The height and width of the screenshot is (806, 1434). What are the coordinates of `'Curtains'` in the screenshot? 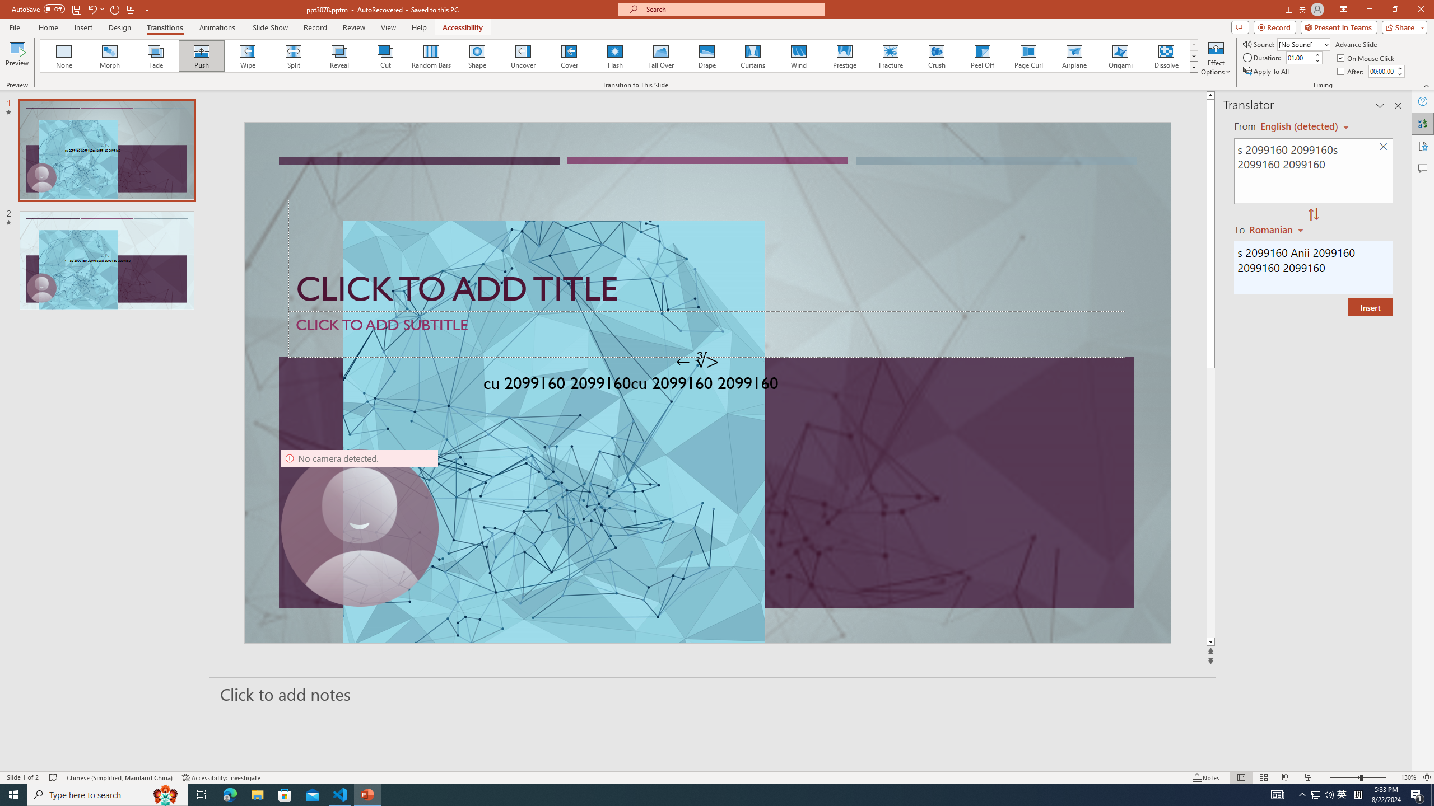 It's located at (753, 55).